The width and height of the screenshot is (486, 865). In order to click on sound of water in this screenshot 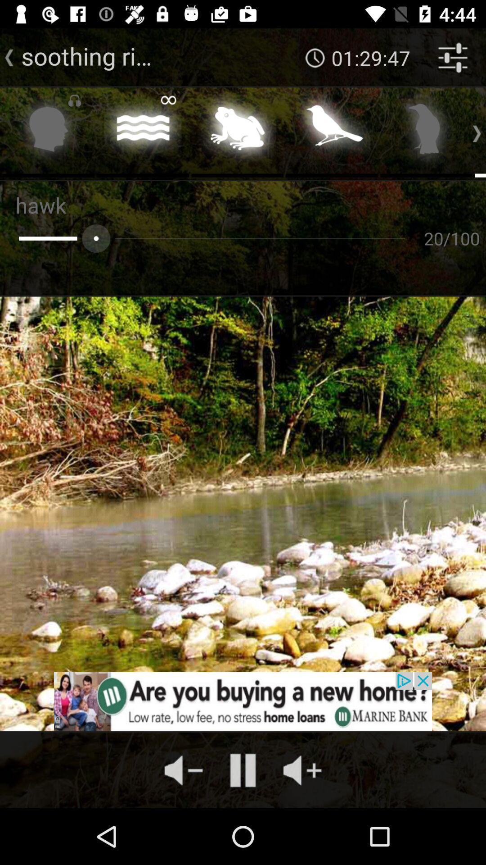, I will do `click(142, 131)`.